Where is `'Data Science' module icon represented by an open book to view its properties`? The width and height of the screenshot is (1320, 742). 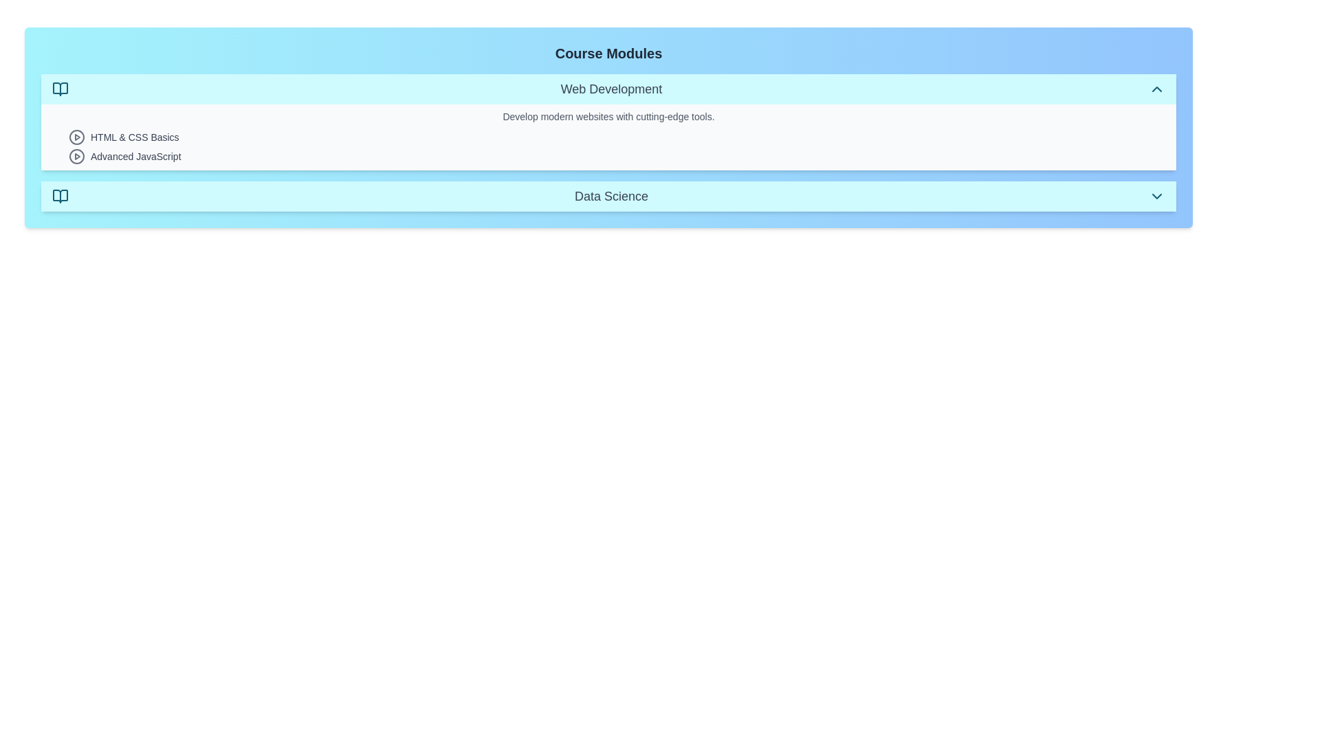
'Data Science' module icon represented by an open book to view its properties is located at coordinates (59, 196).